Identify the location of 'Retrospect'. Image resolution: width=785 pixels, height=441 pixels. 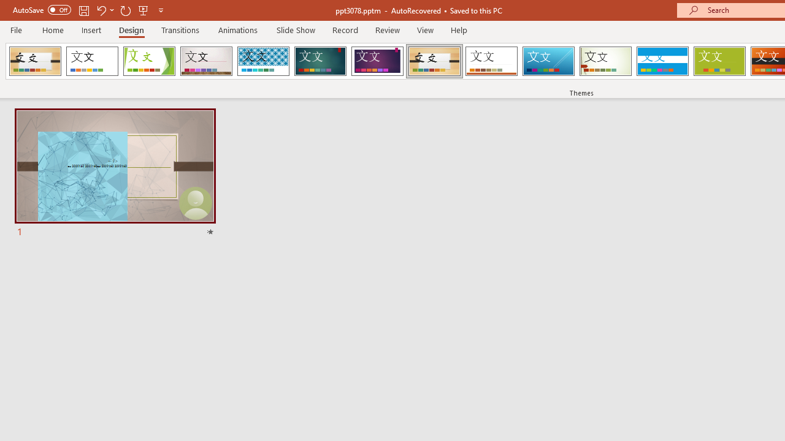
(491, 61).